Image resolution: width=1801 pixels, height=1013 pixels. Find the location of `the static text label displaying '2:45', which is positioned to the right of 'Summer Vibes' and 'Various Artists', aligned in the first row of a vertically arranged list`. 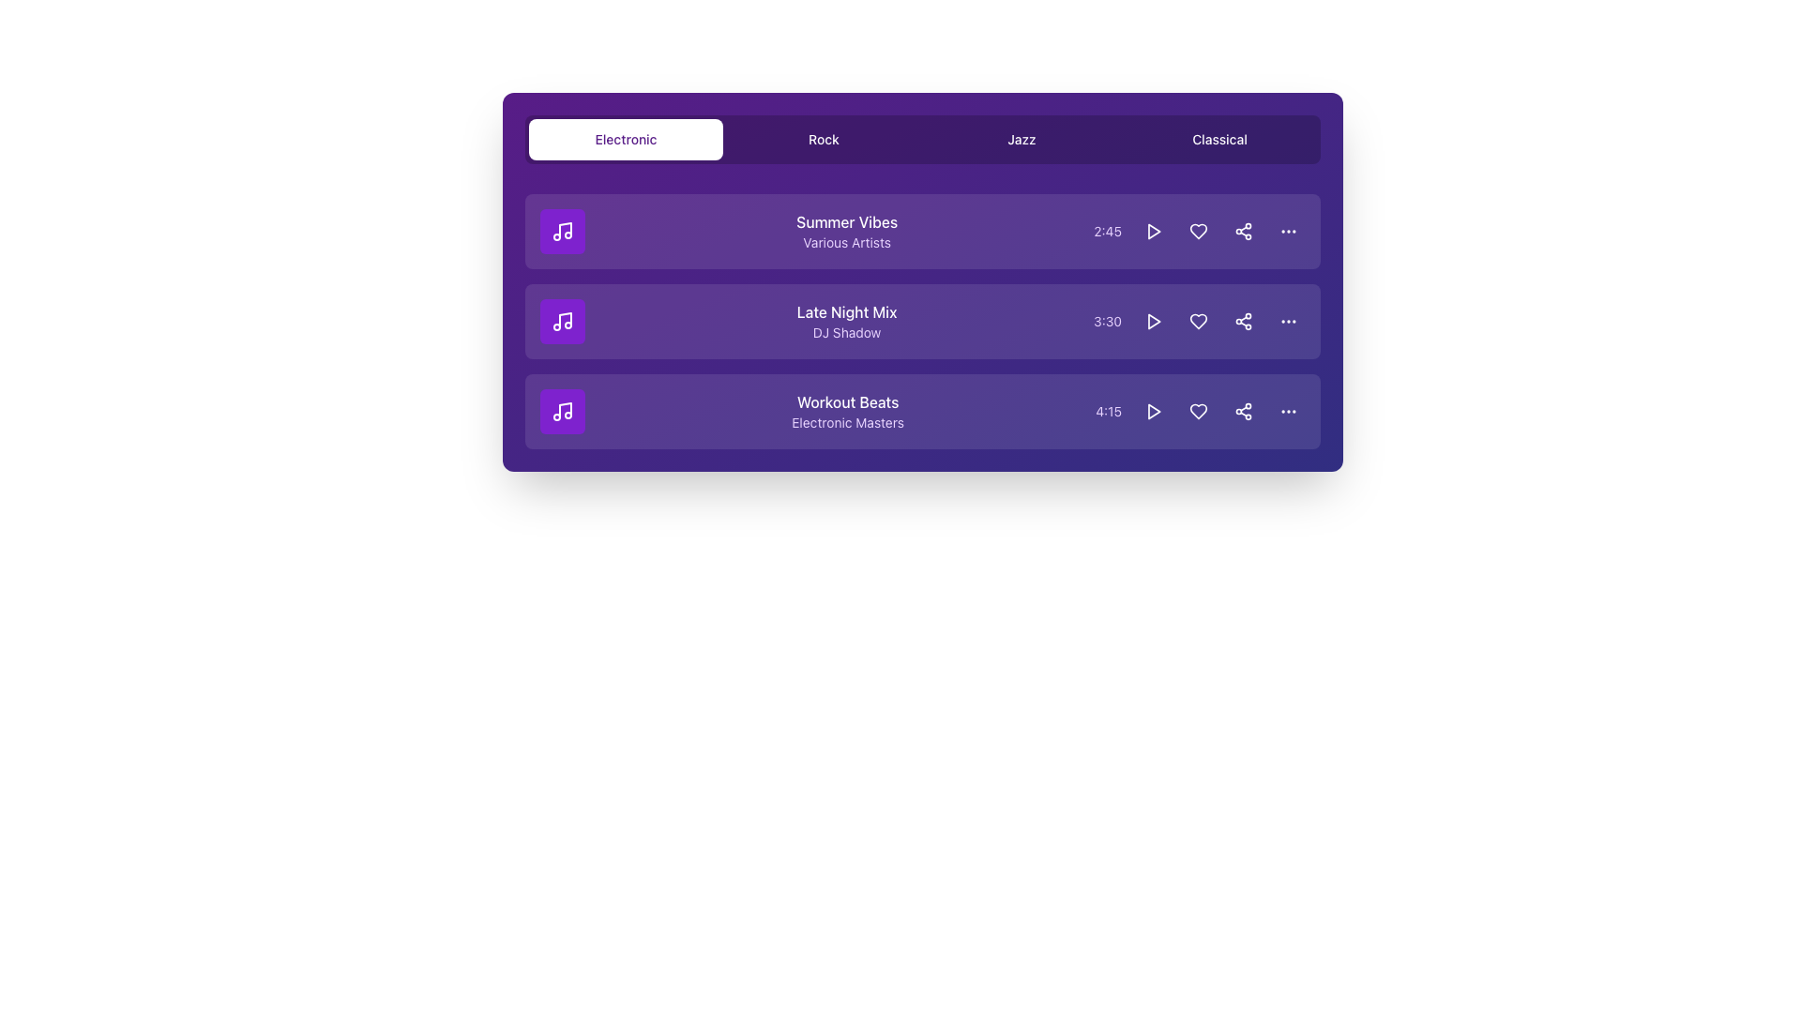

the static text label displaying '2:45', which is positioned to the right of 'Summer Vibes' and 'Various Artists', aligned in the first row of a vertically arranged list is located at coordinates (1108, 230).